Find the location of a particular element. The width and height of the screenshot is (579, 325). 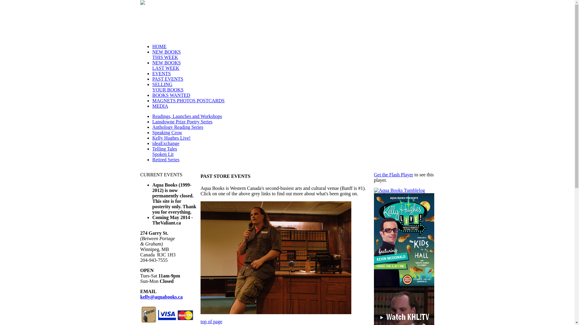

'Get the Flash Player' is located at coordinates (394, 175).